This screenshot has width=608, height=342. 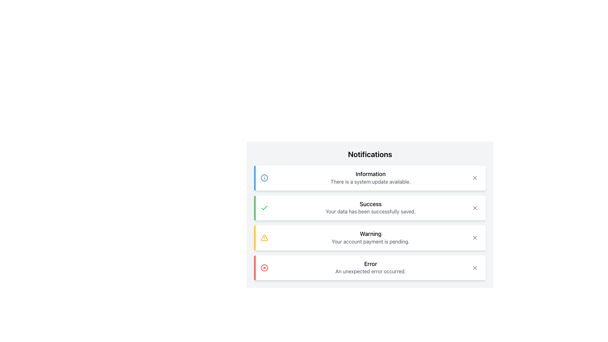 I want to click on 'Notifications' text label located at the top of the gray notification panel, which is bold and prominent, so click(x=370, y=154).